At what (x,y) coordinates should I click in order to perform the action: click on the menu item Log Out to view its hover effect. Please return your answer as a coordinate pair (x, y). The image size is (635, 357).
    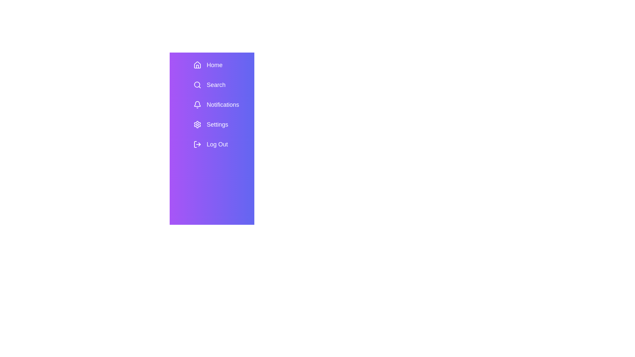
    Looking at the image, I should click on (221, 144).